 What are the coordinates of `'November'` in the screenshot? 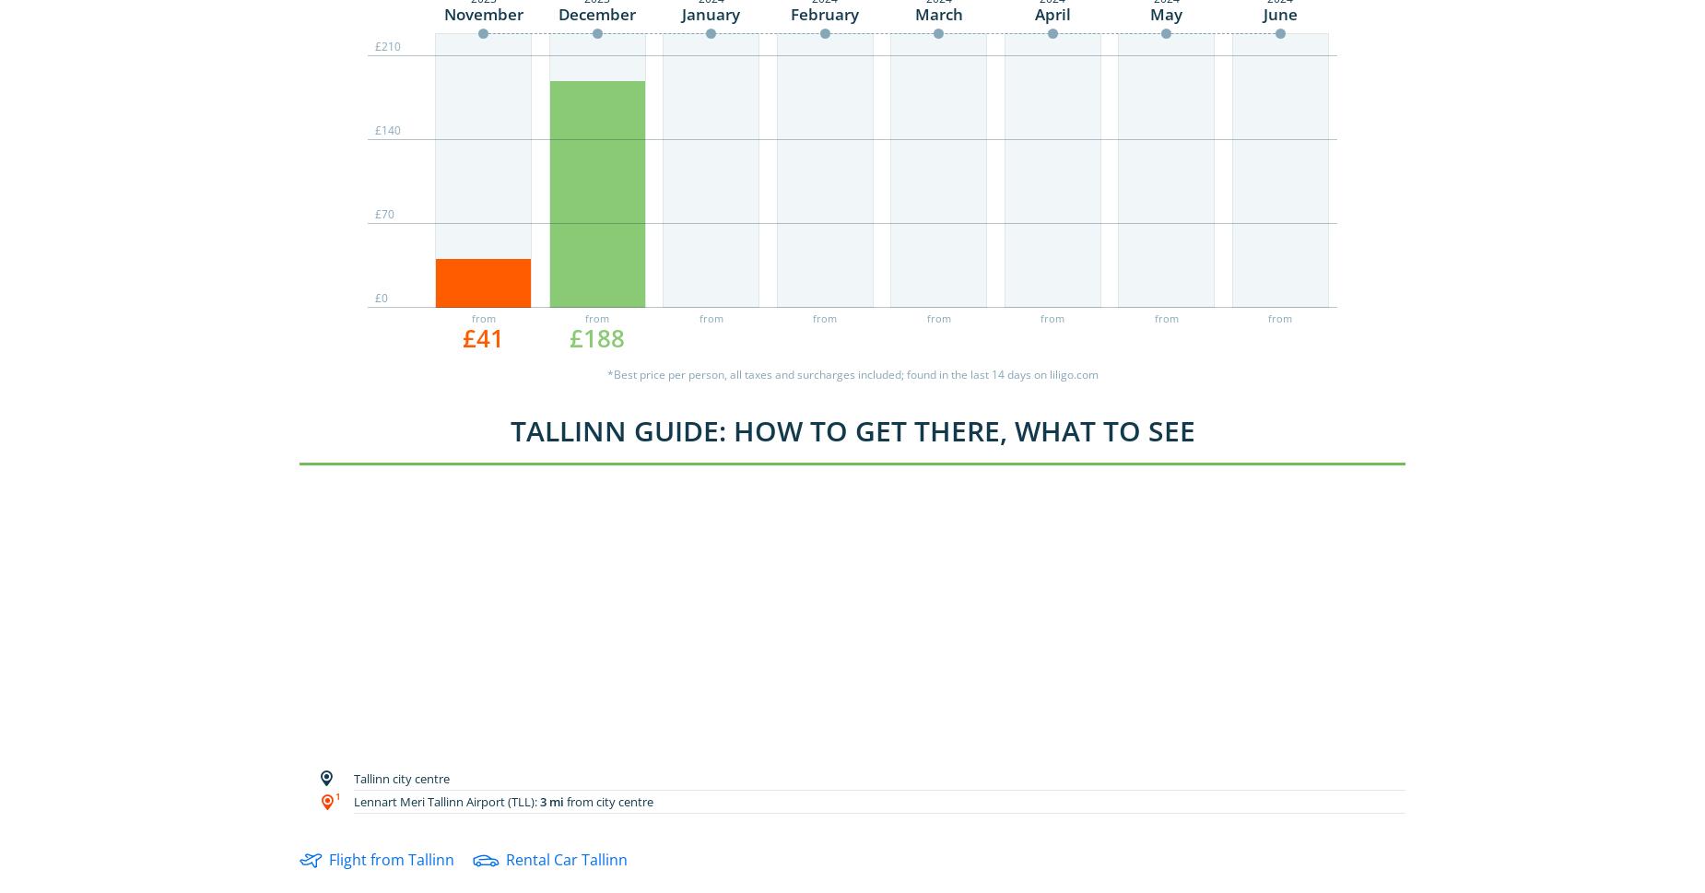 It's located at (482, 14).